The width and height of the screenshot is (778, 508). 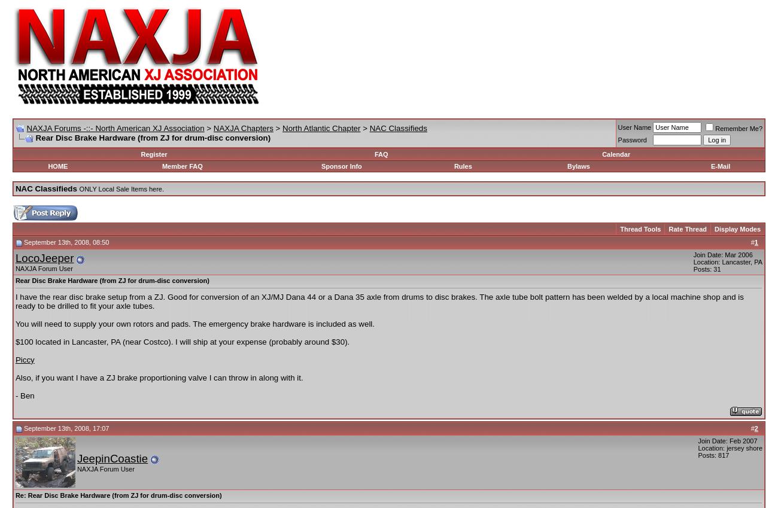 What do you see at coordinates (23, 358) in the screenshot?
I see `'Piccy'` at bounding box center [23, 358].